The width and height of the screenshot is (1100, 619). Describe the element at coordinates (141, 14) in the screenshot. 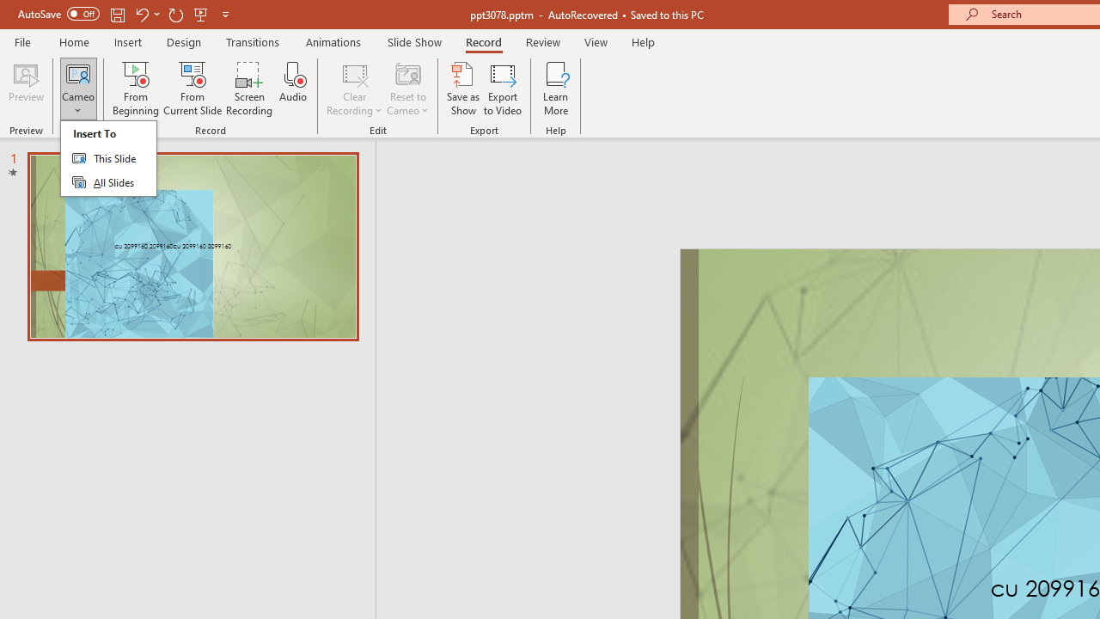

I see `'Undo'` at that location.